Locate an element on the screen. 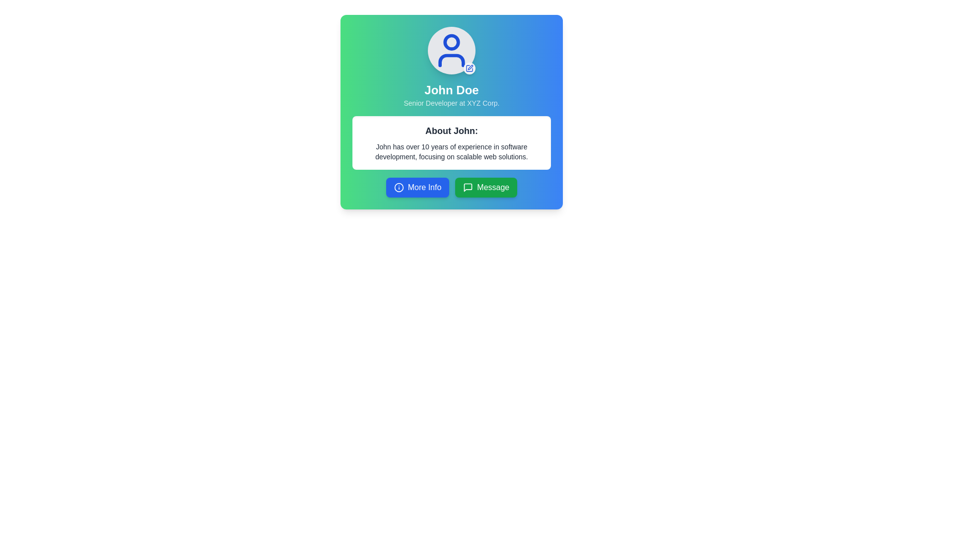 Image resolution: width=953 pixels, height=536 pixels. the Text Display containing the description about John, which reads: 'John has over 10 years of experience in software development, focusing on scalable web solutions.' This element is styled with a smaller font size and is positioned below the header 'About John:' is located at coordinates (451, 151).